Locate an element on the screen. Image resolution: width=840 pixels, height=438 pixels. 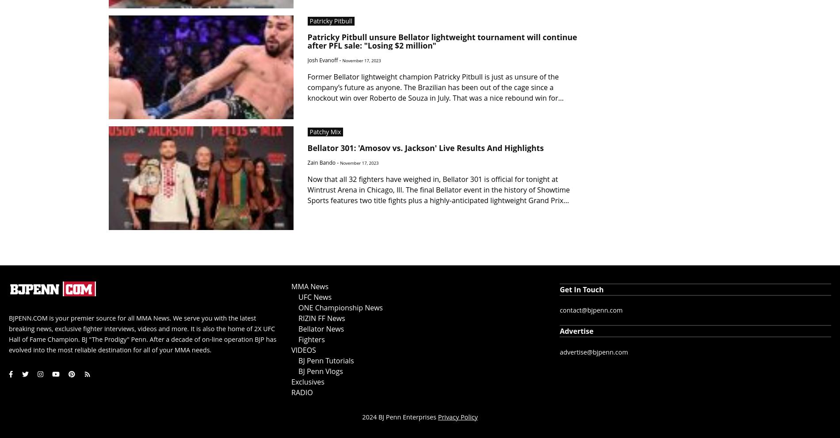
'ONE Championship News' is located at coordinates (340, 306).